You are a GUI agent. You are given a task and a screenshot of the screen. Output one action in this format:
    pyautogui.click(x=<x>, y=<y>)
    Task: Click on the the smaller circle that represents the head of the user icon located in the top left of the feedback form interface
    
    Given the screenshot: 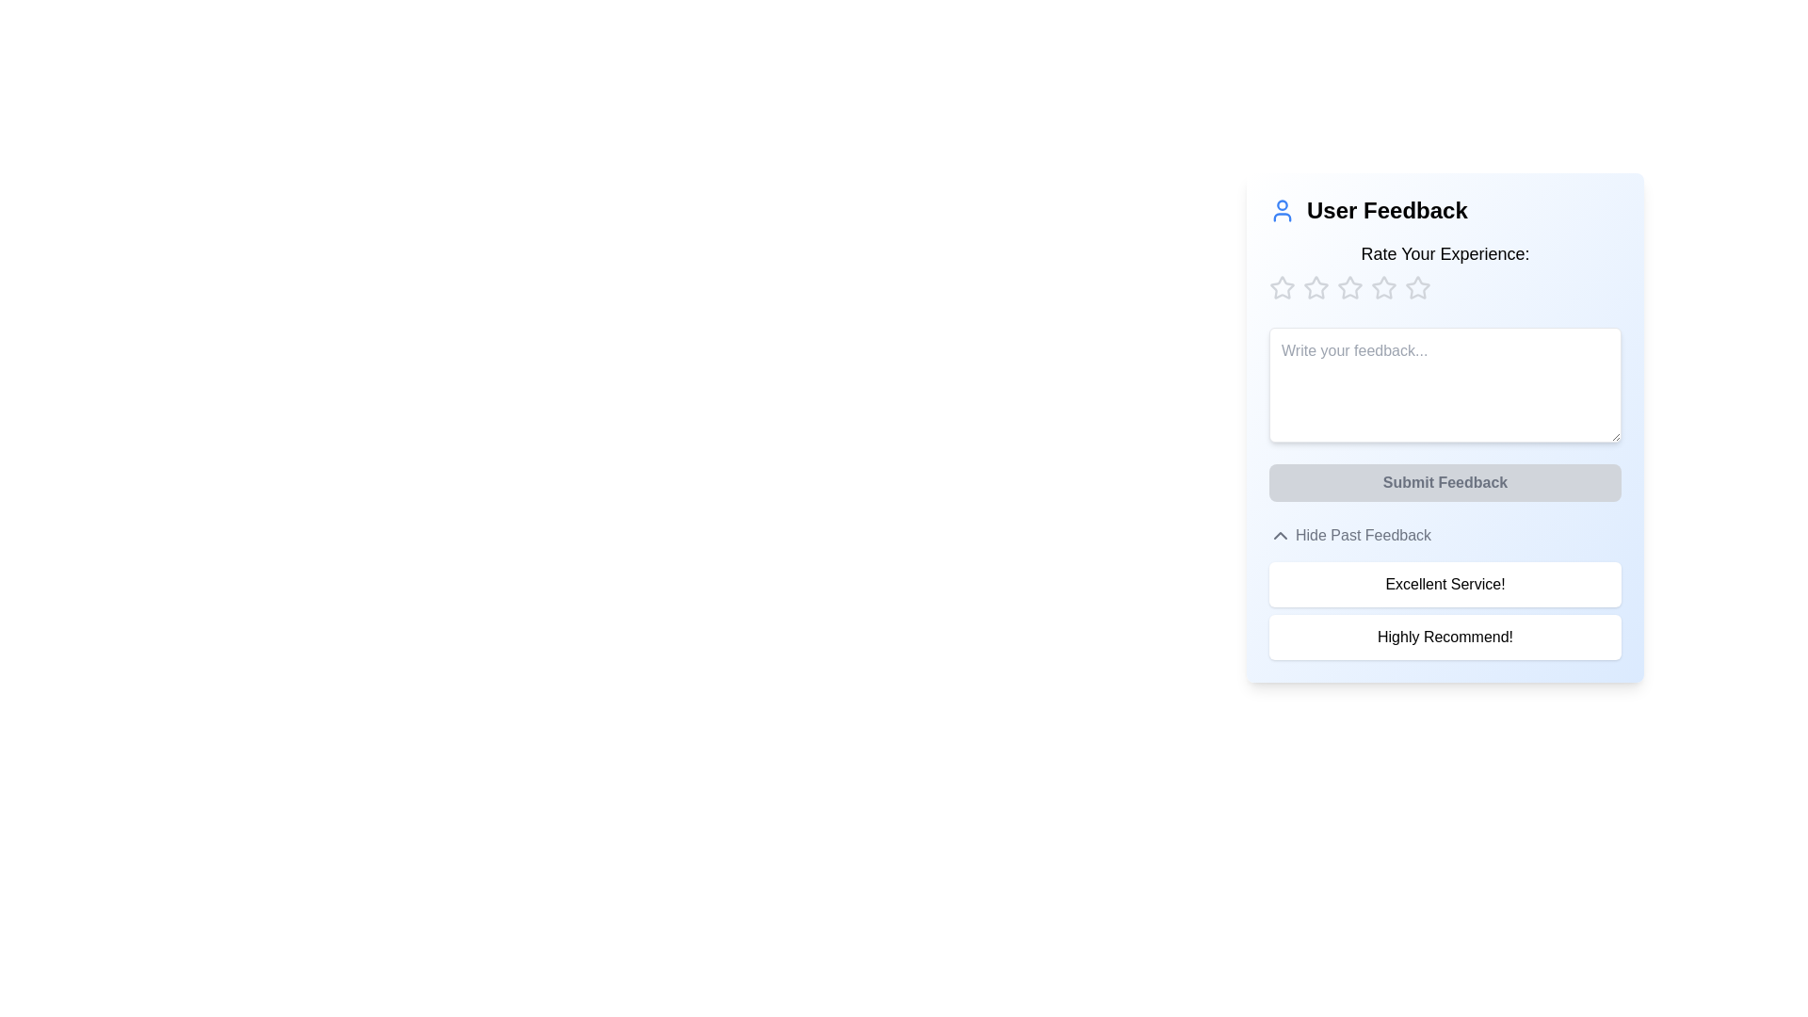 What is the action you would take?
    pyautogui.click(x=1282, y=205)
    